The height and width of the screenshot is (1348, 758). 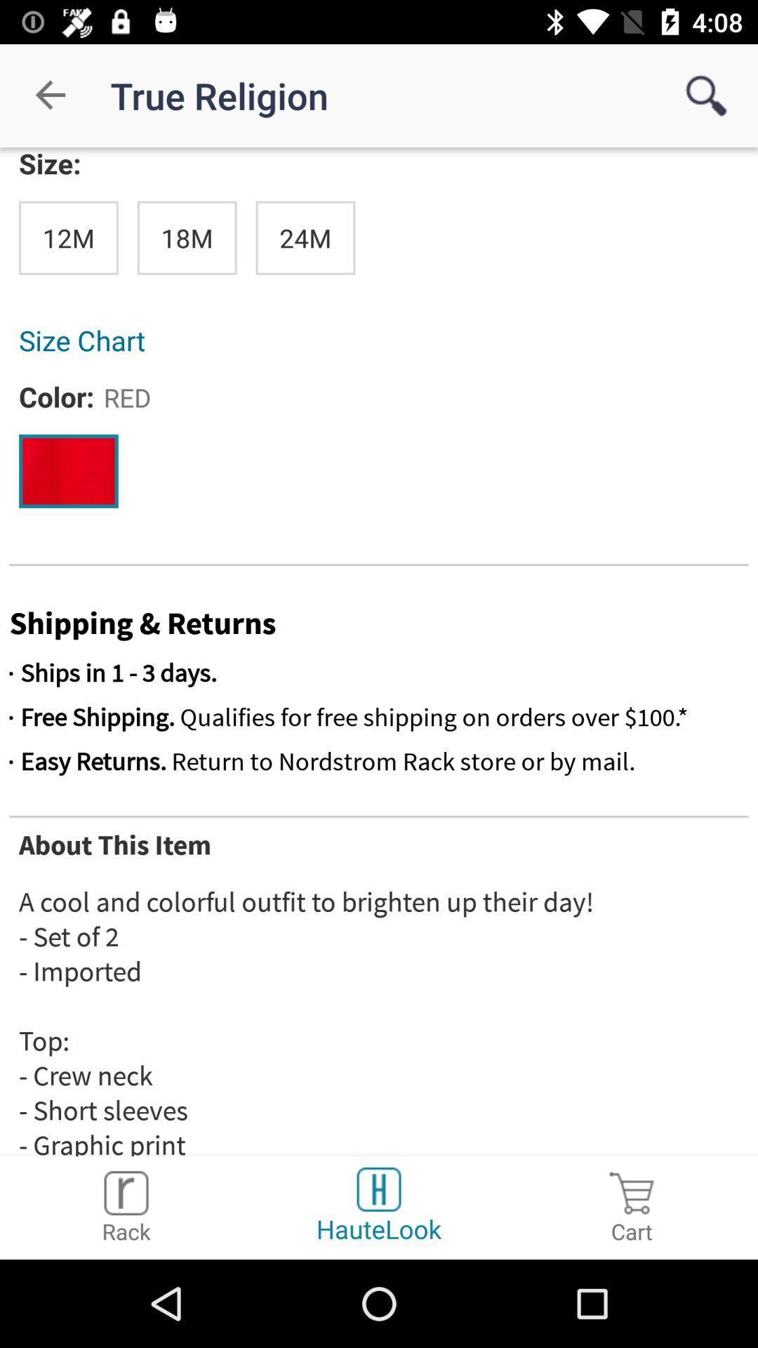 I want to click on the item above the size chart, so click(x=68, y=238).